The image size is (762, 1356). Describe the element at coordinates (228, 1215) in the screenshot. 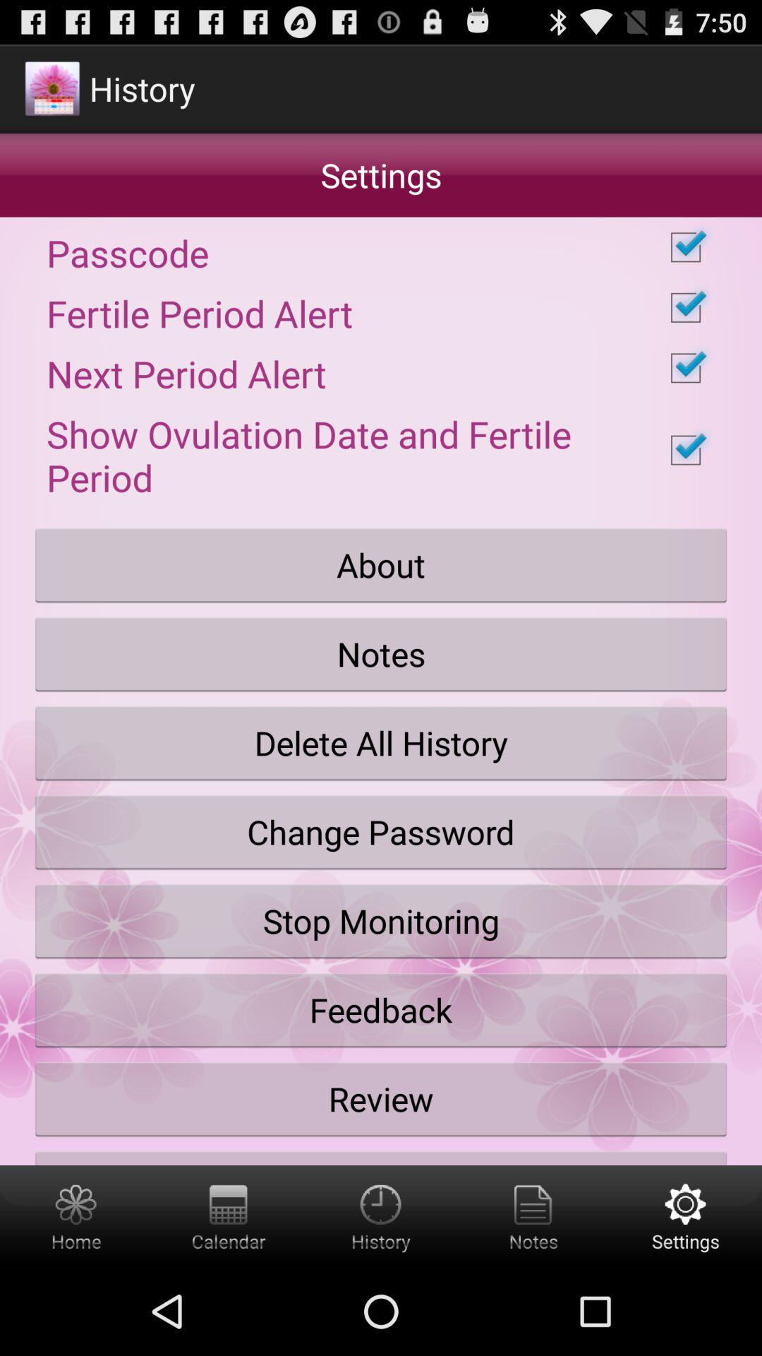

I see `calendar` at that location.